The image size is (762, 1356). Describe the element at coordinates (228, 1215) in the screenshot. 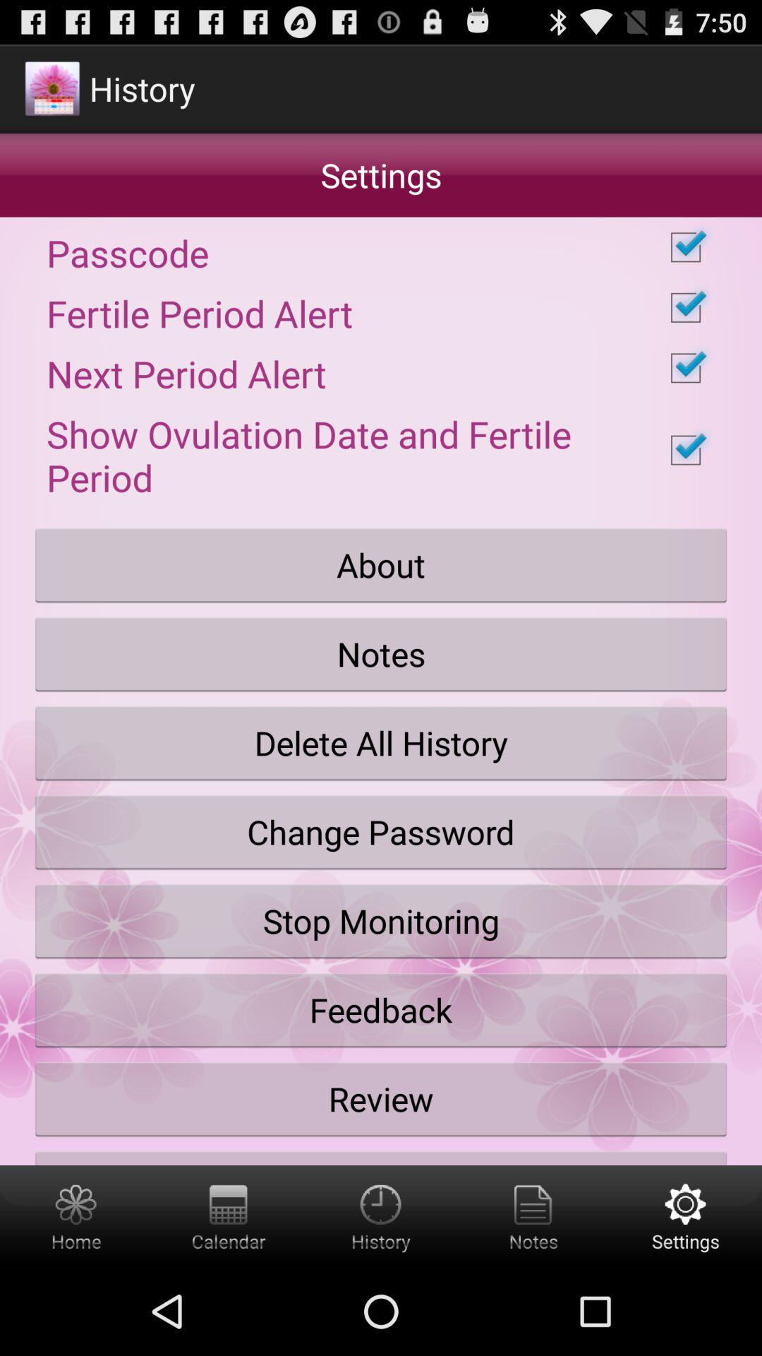

I see `calendar` at that location.